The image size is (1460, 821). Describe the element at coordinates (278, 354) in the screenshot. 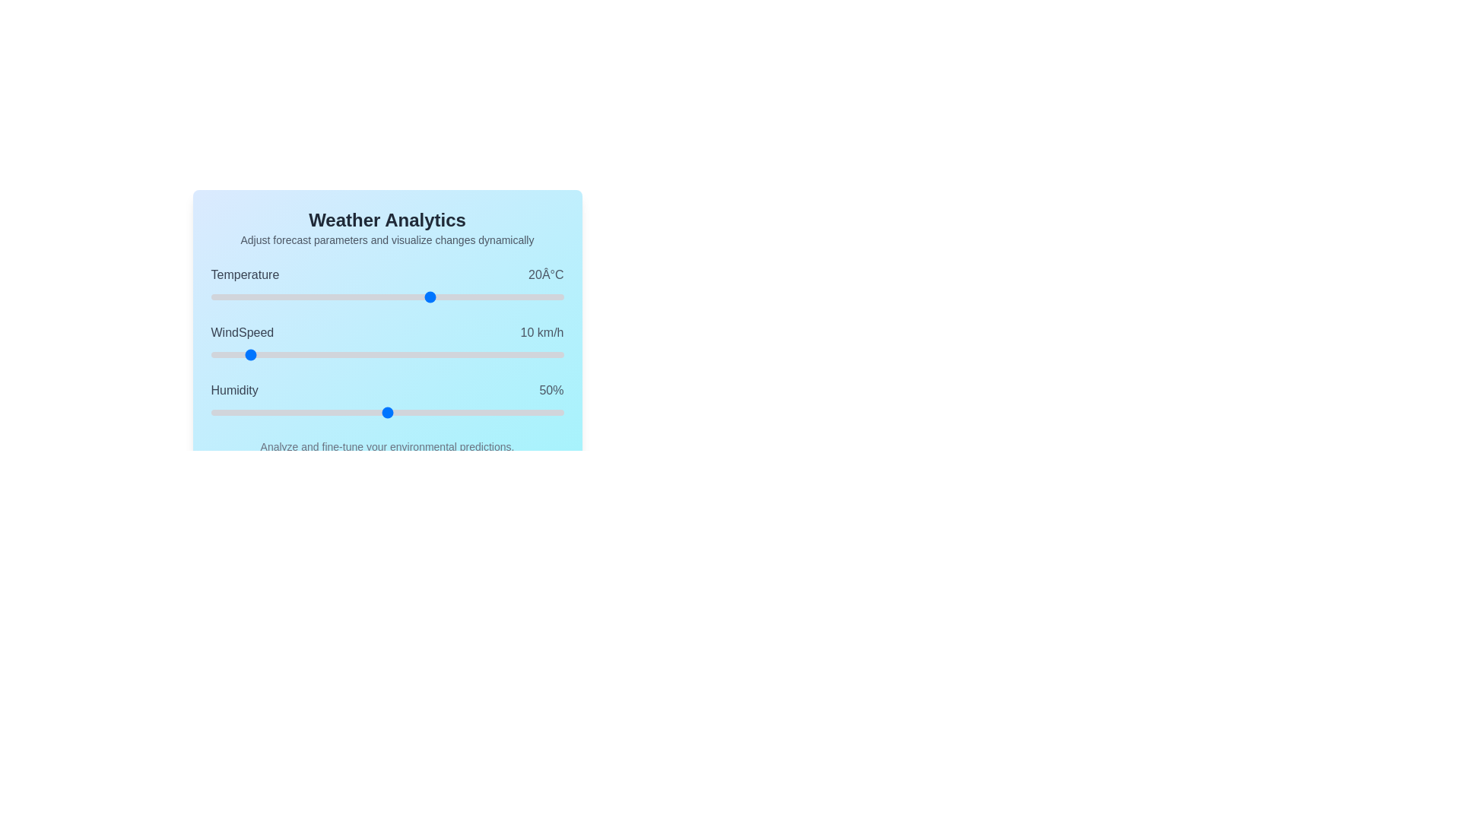

I see `the WindSpeed slider to 19 km/h` at that location.